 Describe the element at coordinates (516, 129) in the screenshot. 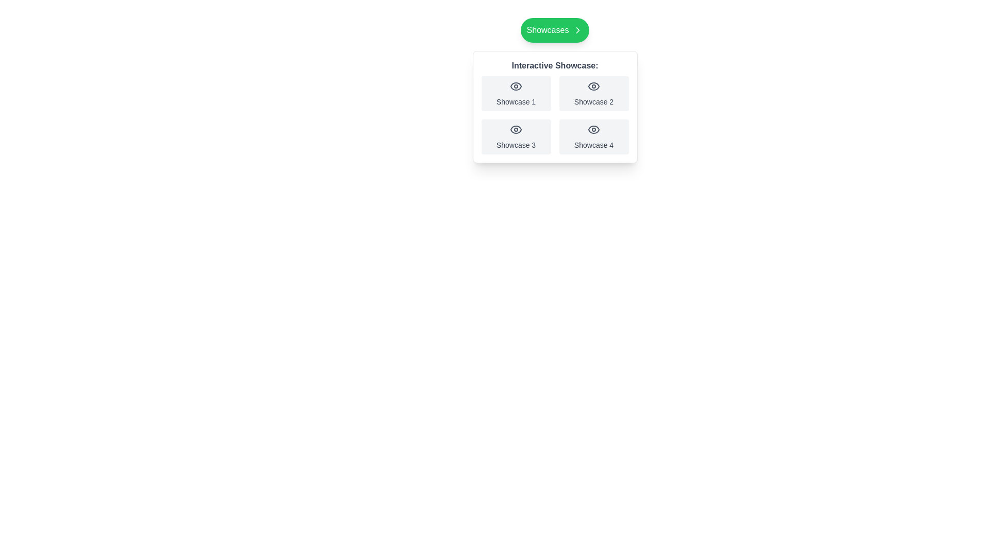

I see `the eye icon located in the bottom-left quadrant of the four-icon grid under 'Interactive Showcase'` at that location.